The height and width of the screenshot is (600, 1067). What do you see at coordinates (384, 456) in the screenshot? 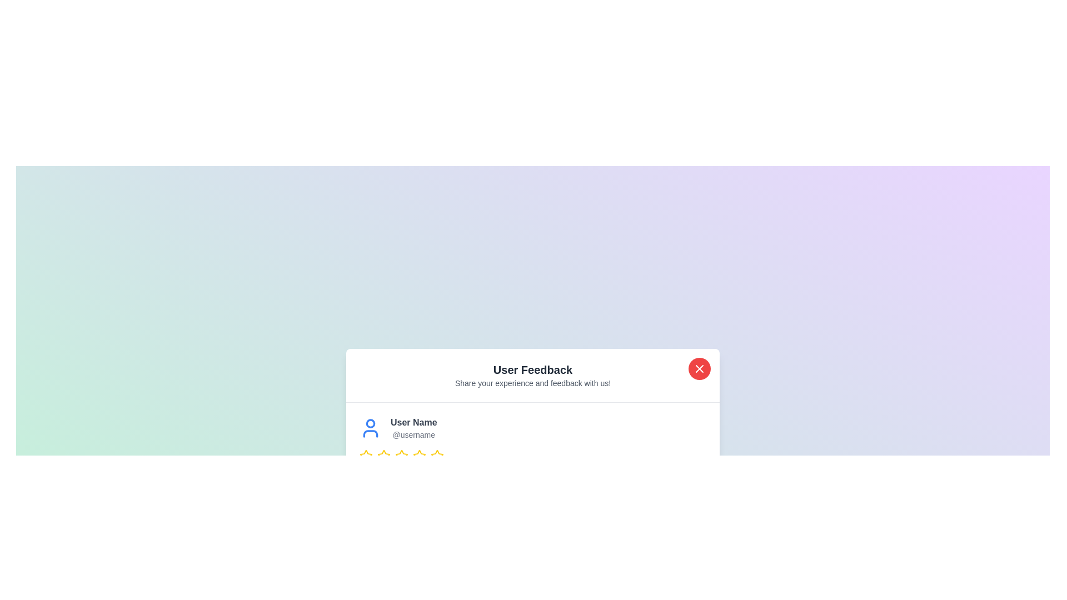
I see `the first star icon, which has a yellow outline and is located below the 'User Name' and '@username' text` at bounding box center [384, 456].